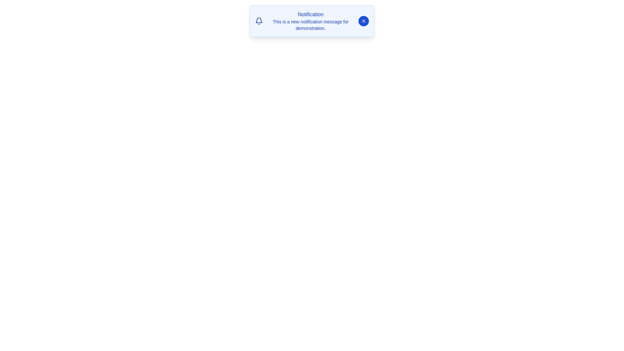  I want to click on the notification card that has a light blue background and displays 'Notification' in bold text, so click(312, 21).